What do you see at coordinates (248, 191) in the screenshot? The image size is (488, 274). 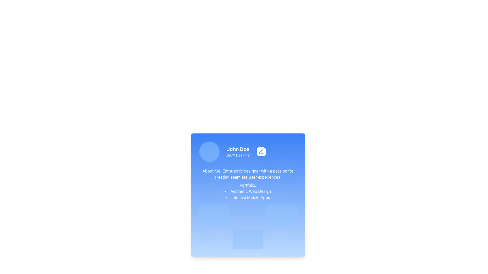 I see `the first list item text under the heading 'Portfolio:' in the card-like component, which represents an item in the portfolio of a UI/UX designer` at bounding box center [248, 191].